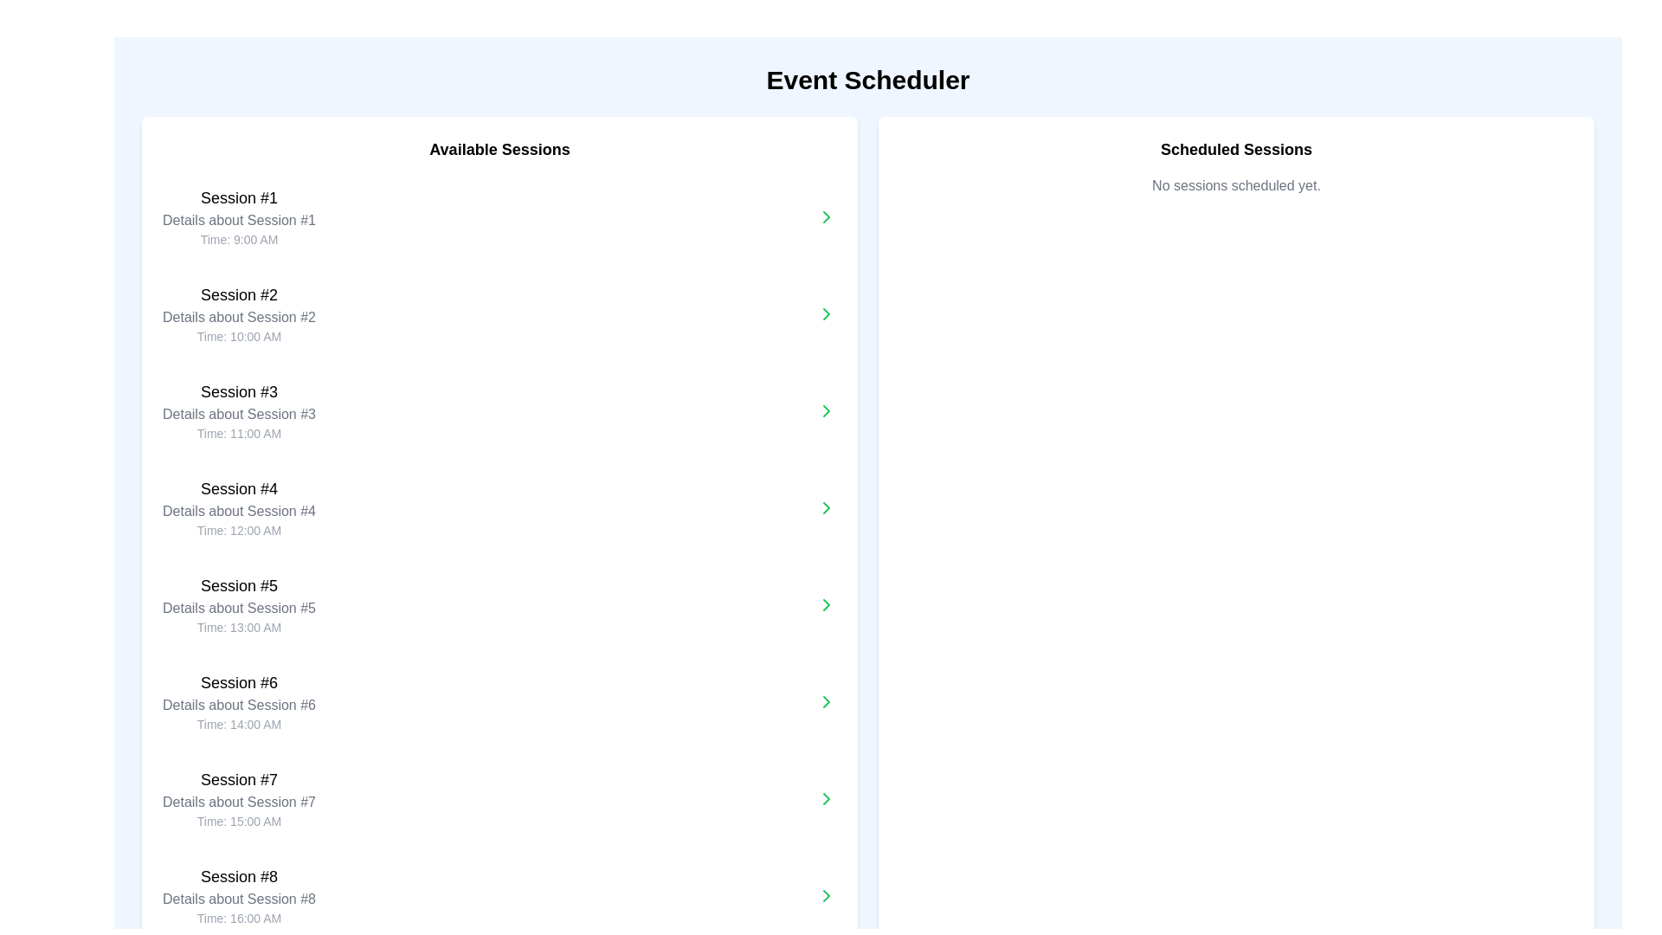 Image resolution: width=1662 pixels, height=935 pixels. What do you see at coordinates (238, 197) in the screenshot?
I see `the text label 'Session #1' in bold black font located in the 'Available Sessions' column of the 'Event Scheduler' interface` at bounding box center [238, 197].